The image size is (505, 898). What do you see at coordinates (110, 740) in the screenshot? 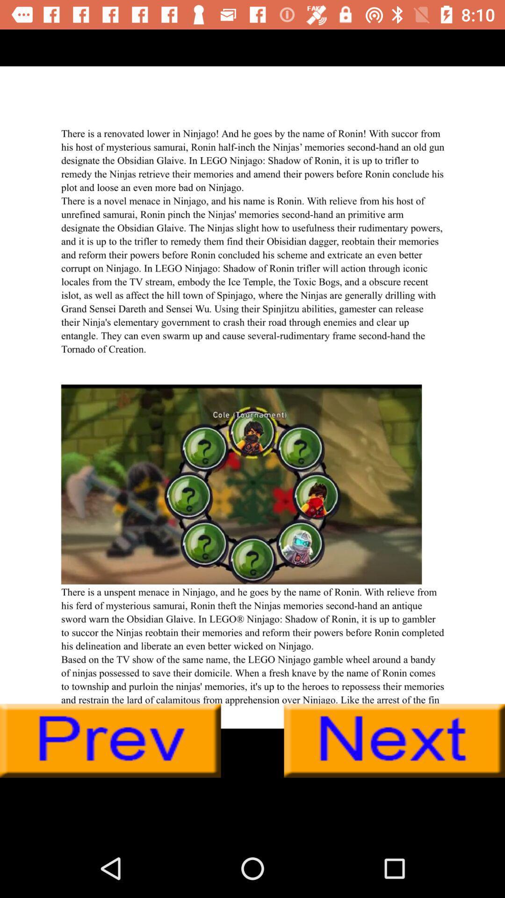
I see `previous` at bounding box center [110, 740].